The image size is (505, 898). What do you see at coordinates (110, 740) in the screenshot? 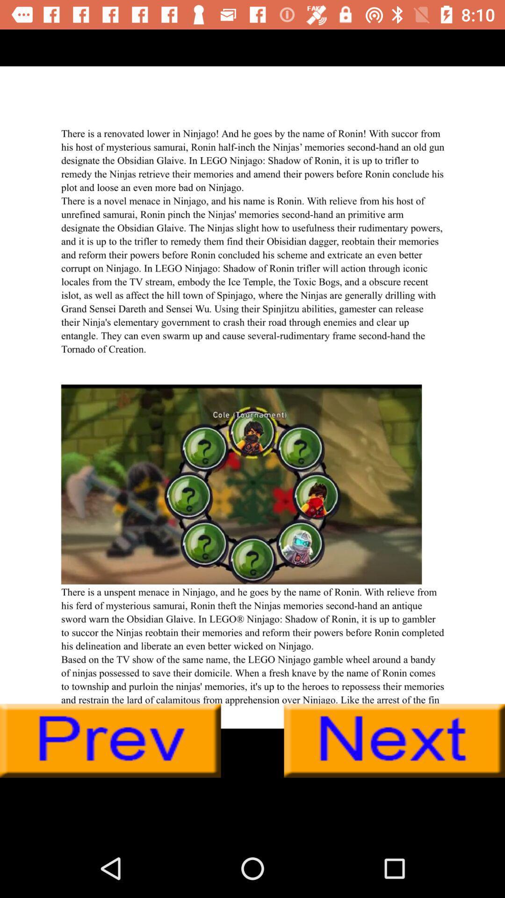
I see `previous` at bounding box center [110, 740].